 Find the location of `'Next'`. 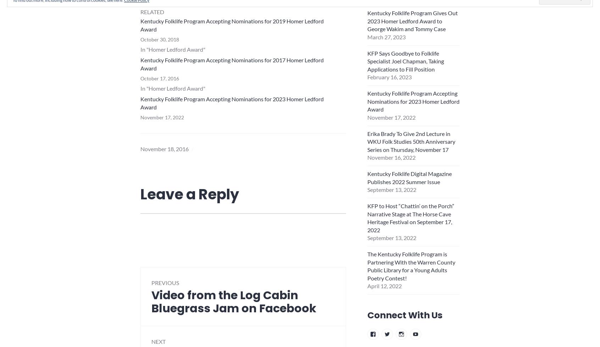

'Next' is located at coordinates (158, 341).